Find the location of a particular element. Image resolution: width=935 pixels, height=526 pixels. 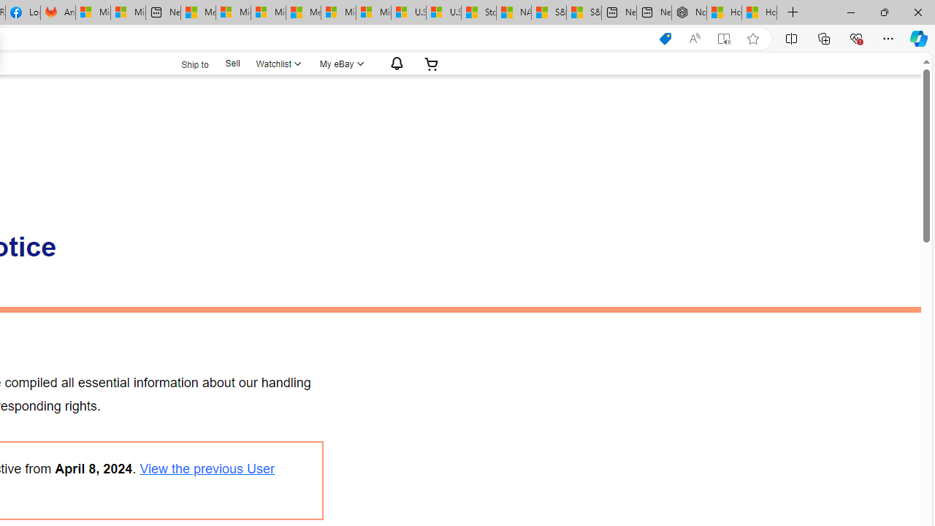

'AutomationID: gh-eb-Alerts' is located at coordinates (394, 63).